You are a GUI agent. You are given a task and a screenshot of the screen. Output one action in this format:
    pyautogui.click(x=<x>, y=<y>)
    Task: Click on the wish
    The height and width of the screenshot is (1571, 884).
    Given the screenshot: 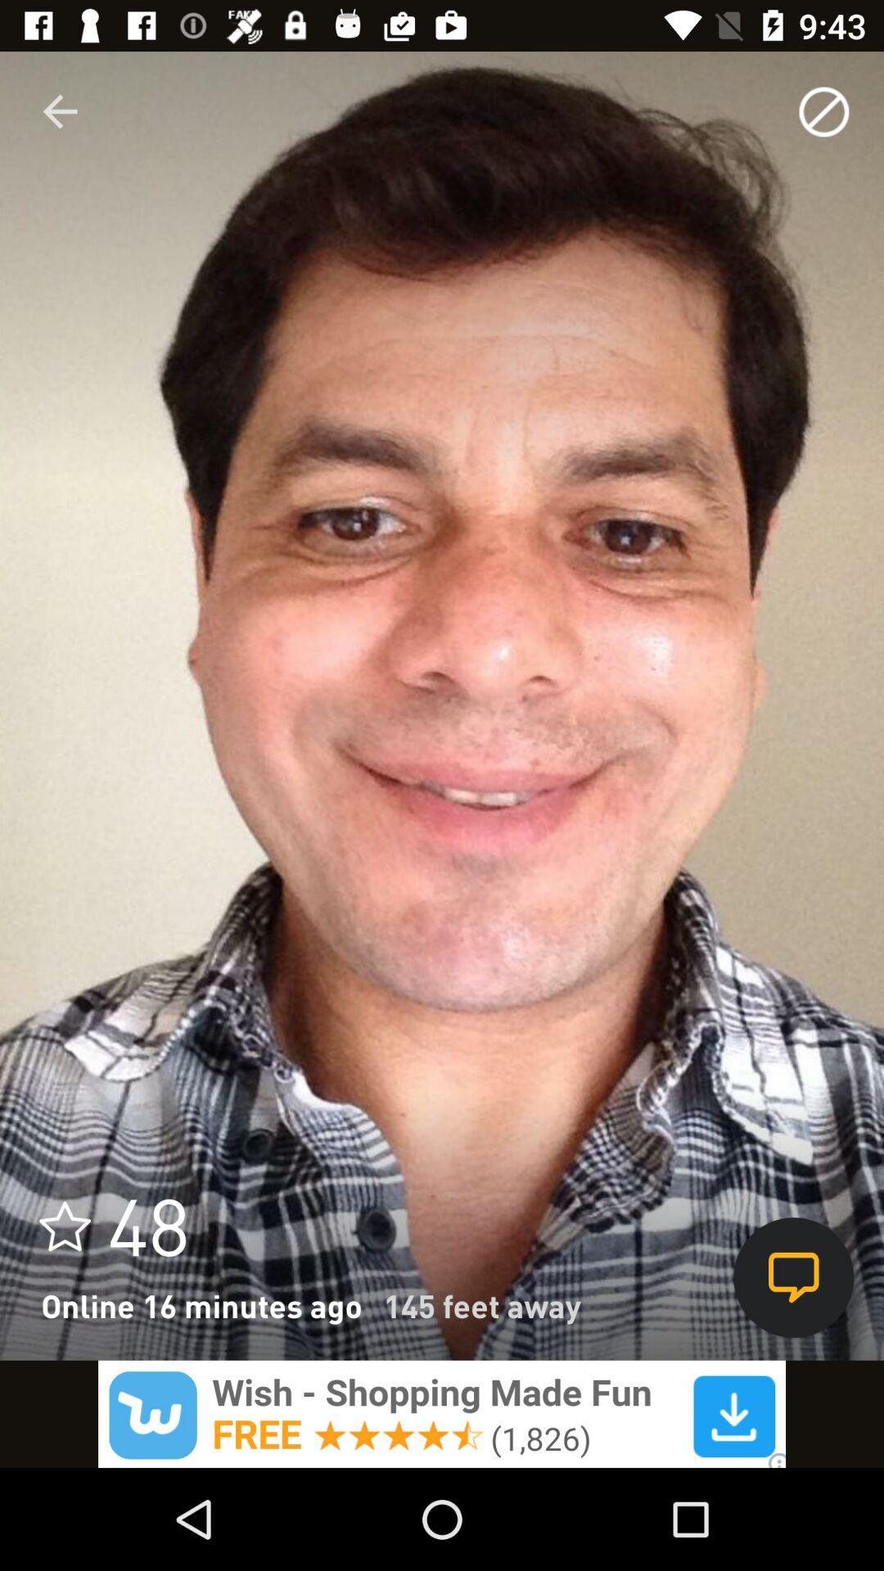 What is the action you would take?
    pyautogui.click(x=442, y=1413)
    